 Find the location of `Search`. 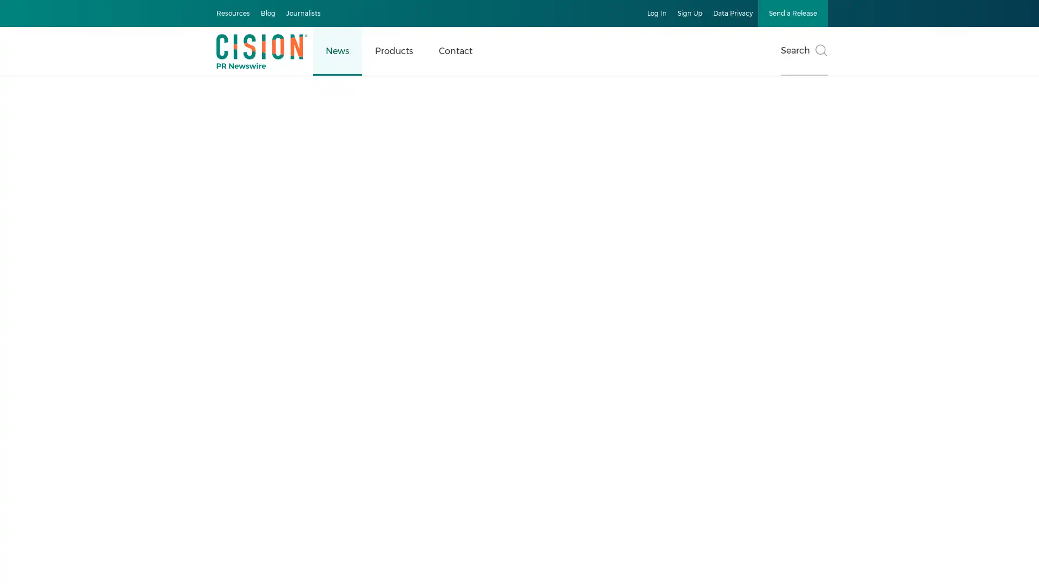

Search is located at coordinates (804, 51).